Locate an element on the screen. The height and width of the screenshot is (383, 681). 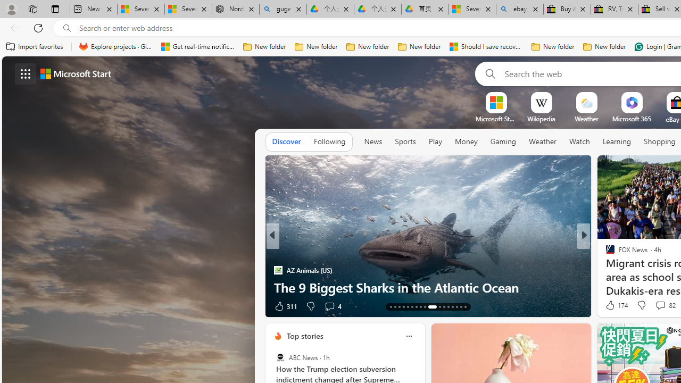
'AZ Animals (US)' is located at coordinates (278, 269).